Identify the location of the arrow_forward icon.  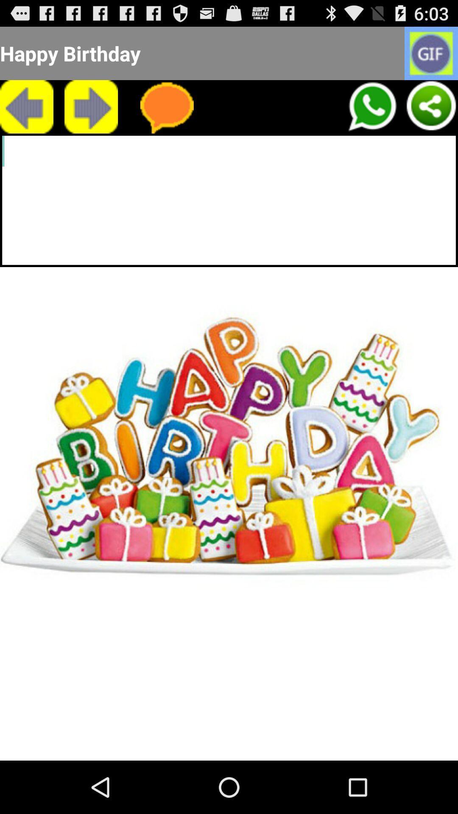
(91, 114).